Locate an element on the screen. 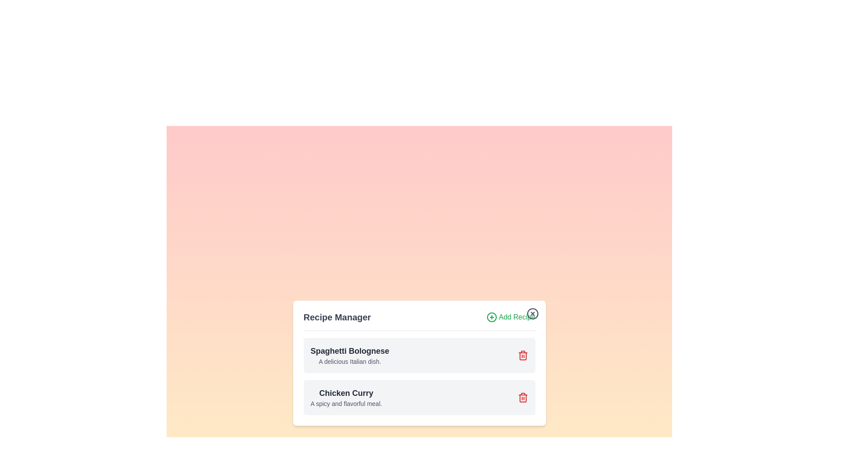  the circular icon with a plus symbol that has a green stroke, located to the left of the 'Add Recipe' text is located at coordinates (491, 317).